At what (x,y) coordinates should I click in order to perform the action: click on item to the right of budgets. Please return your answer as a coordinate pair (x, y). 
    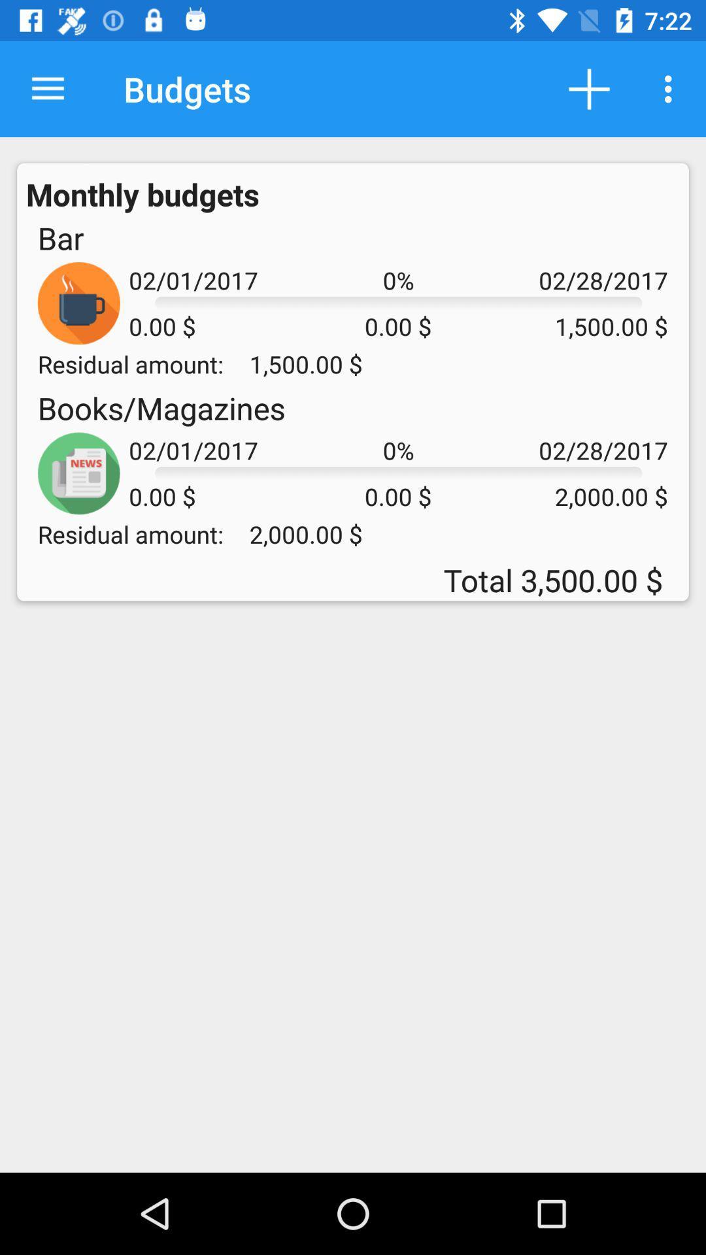
    Looking at the image, I should click on (589, 88).